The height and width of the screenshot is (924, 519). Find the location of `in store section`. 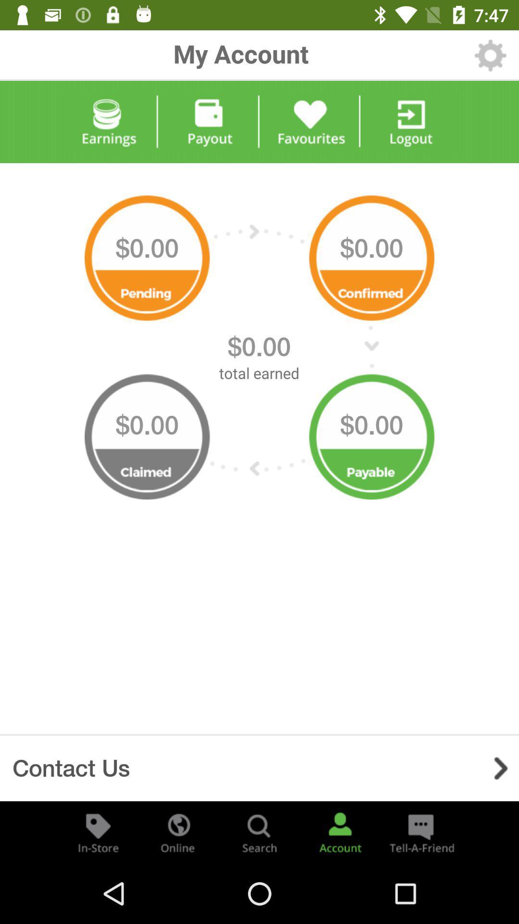

in store section is located at coordinates (98, 832).